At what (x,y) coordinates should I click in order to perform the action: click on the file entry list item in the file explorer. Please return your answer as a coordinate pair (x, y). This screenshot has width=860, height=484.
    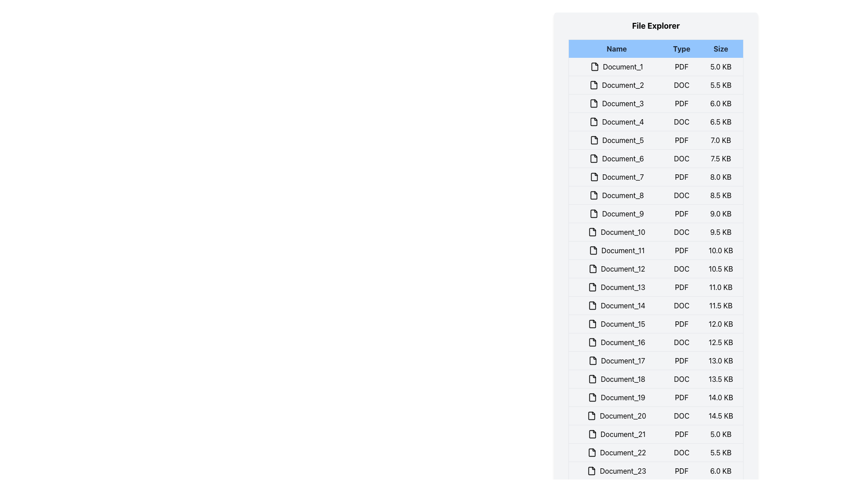
    Looking at the image, I should click on (656, 342).